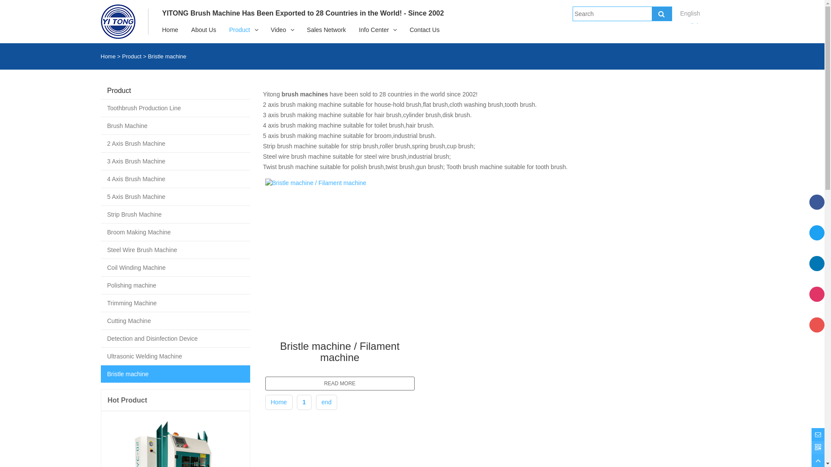 Image resolution: width=831 pixels, height=467 pixels. Describe the element at coordinates (174, 161) in the screenshot. I see `'3 Axis Brush Machine'` at that location.